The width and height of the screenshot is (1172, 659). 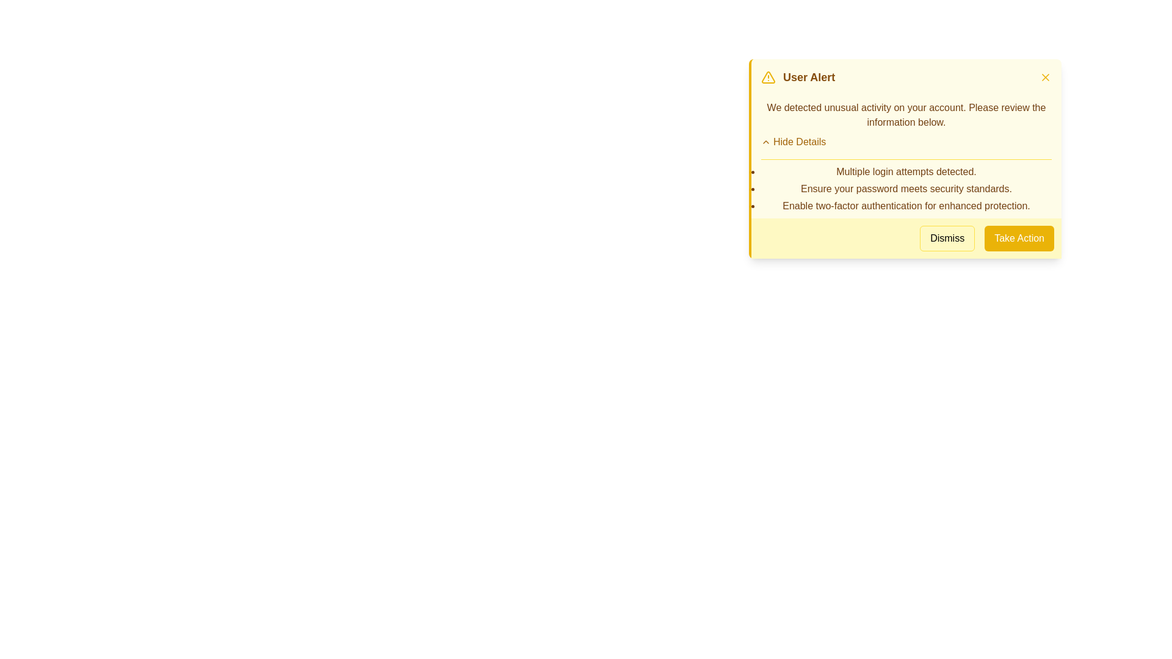 What do you see at coordinates (906, 171) in the screenshot?
I see `the text 'Multiple login attempts detected.' which is styled in a readable font and displayed in a yellowish alert box, positioned above other security advice text` at bounding box center [906, 171].